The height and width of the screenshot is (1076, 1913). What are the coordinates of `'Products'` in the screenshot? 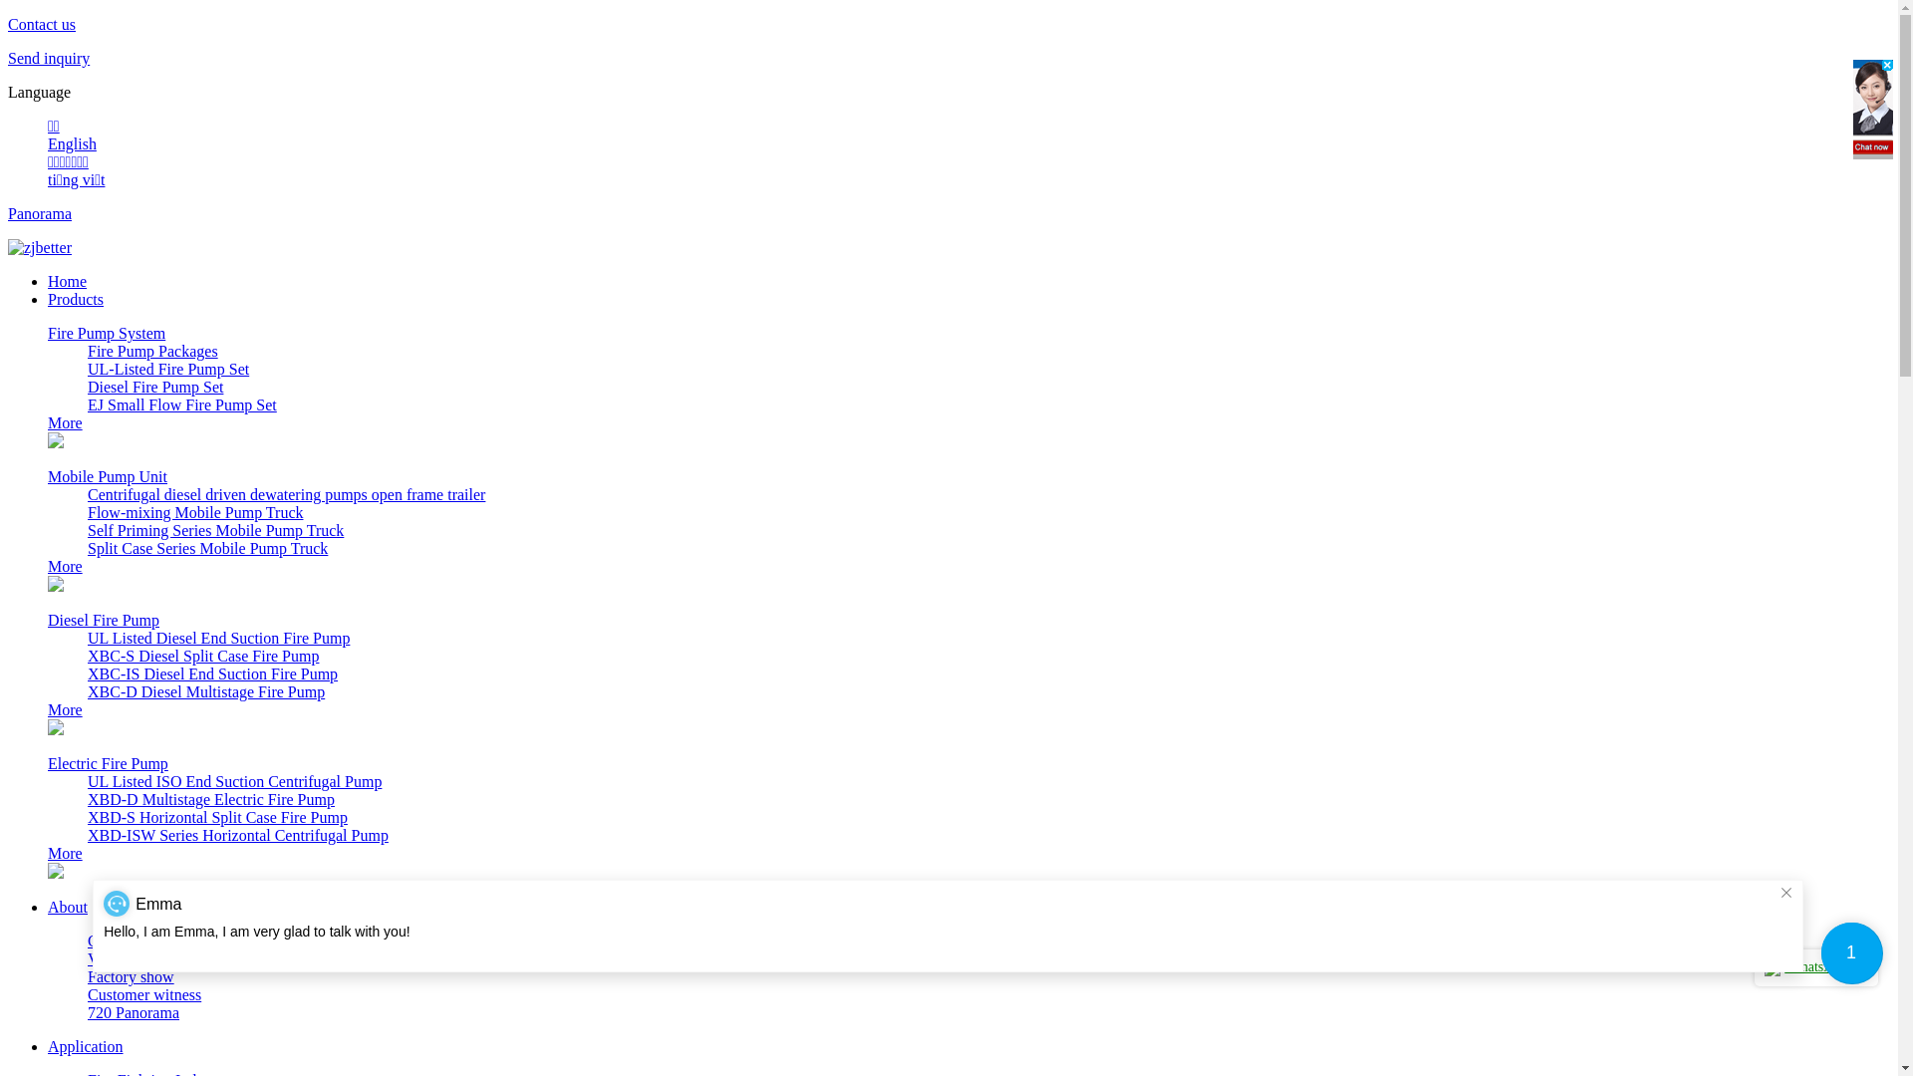 It's located at (48, 299).